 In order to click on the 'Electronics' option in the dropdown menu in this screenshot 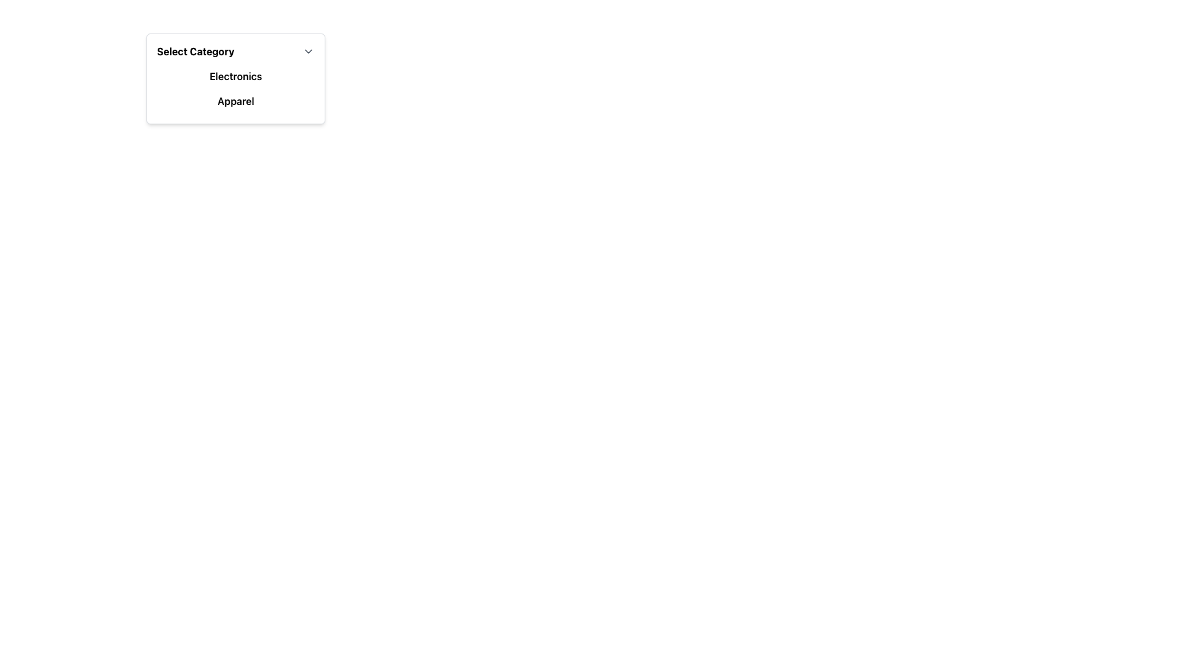, I will do `click(235, 76)`.